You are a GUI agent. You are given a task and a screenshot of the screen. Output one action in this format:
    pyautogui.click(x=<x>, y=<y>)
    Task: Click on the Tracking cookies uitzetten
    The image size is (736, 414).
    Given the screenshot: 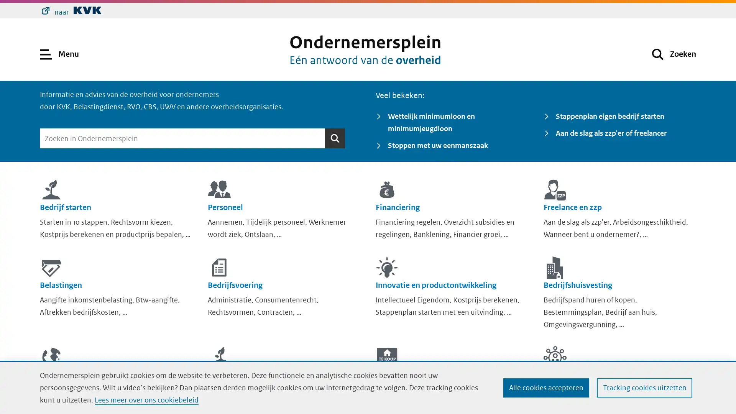 What is the action you would take?
    pyautogui.click(x=644, y=388)
    